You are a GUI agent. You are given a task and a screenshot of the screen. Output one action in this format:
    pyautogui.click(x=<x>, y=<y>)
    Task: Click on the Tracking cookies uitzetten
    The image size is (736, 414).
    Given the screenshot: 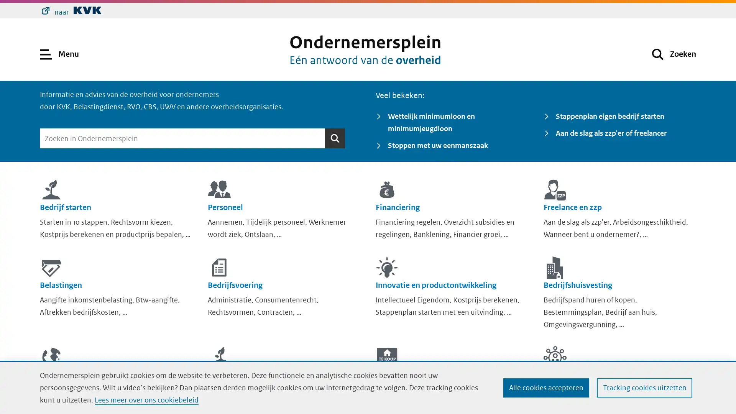 What is the action you would take?
    pyautogui.click(x=644, y=388)
    